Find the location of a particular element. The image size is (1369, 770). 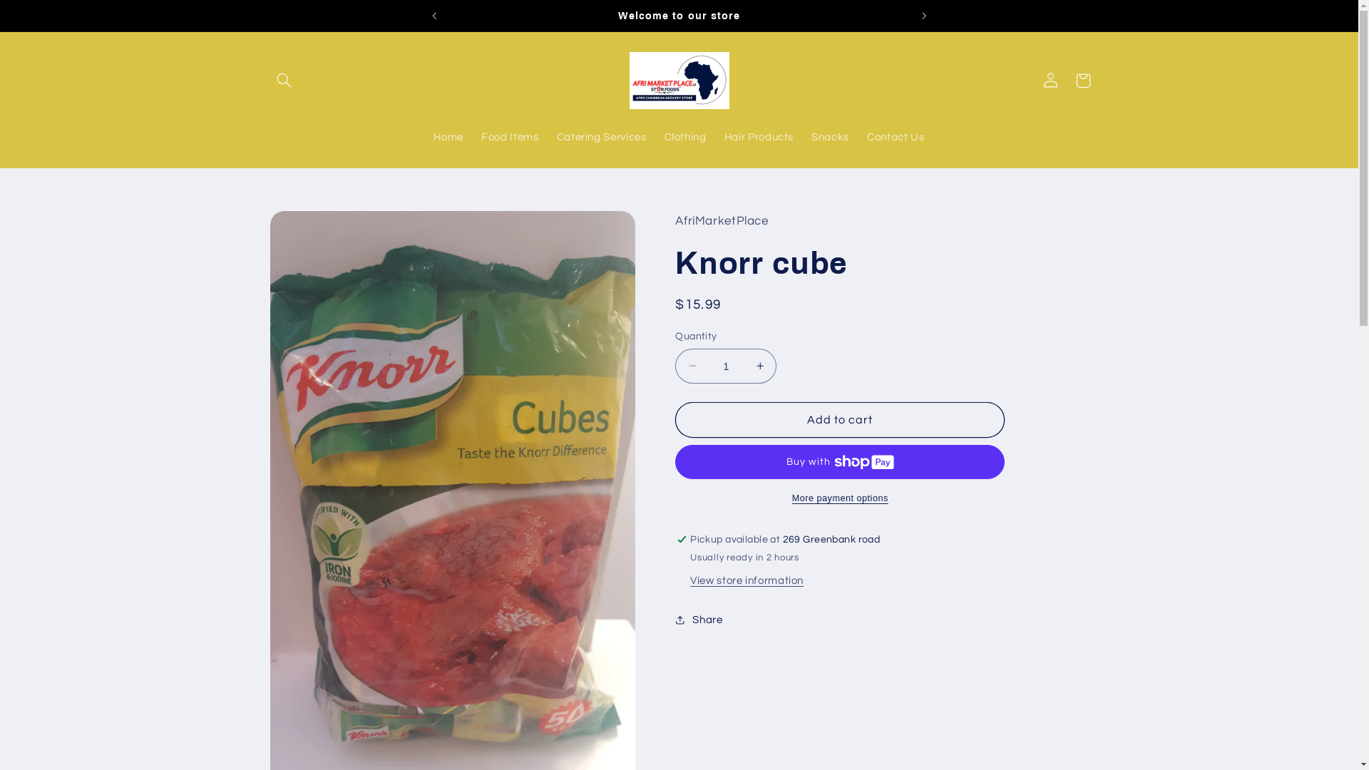

'Skip to product information' is located at coordinates (311, 227).